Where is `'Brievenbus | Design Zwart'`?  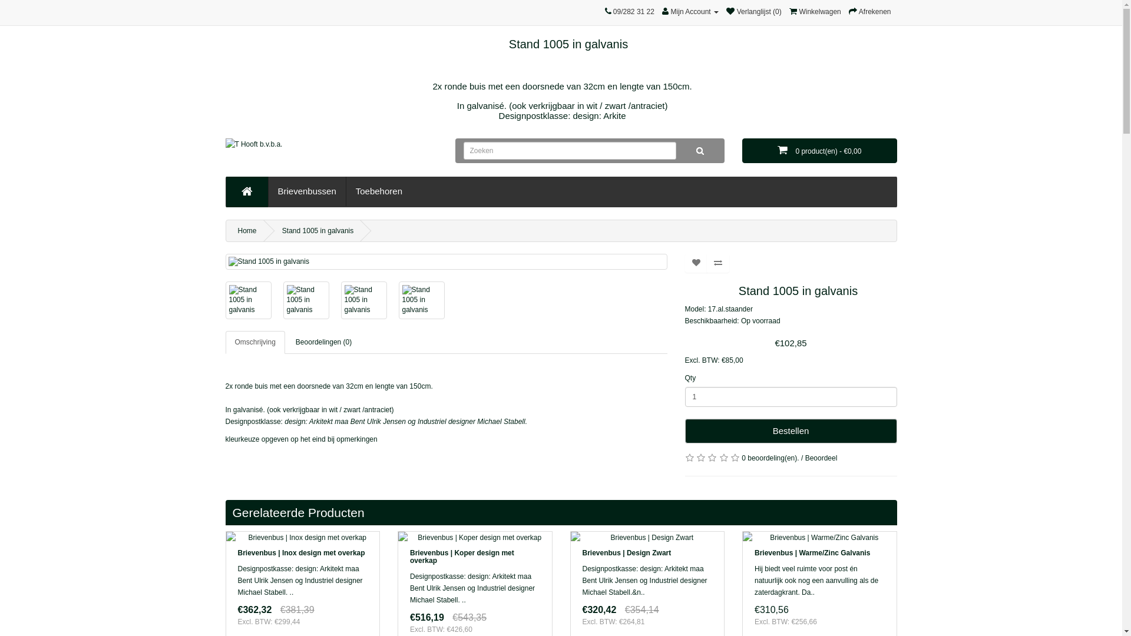 'Brievenbus | Design Zwart' is located at coordinates (626, 552).